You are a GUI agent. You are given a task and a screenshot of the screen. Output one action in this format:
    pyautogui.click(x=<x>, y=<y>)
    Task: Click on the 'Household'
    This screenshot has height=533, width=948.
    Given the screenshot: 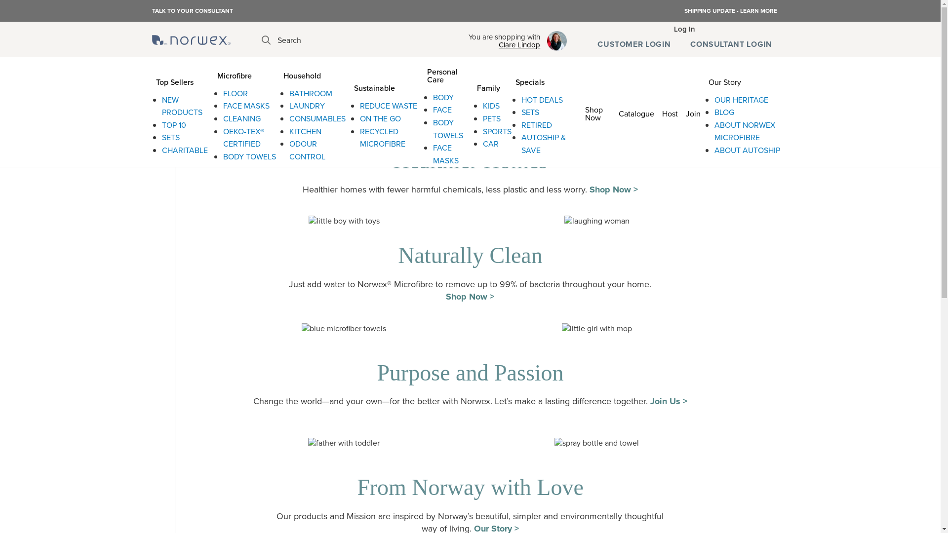 What is the action you would take?
    pyautogui.click(x=314, y=74)
    